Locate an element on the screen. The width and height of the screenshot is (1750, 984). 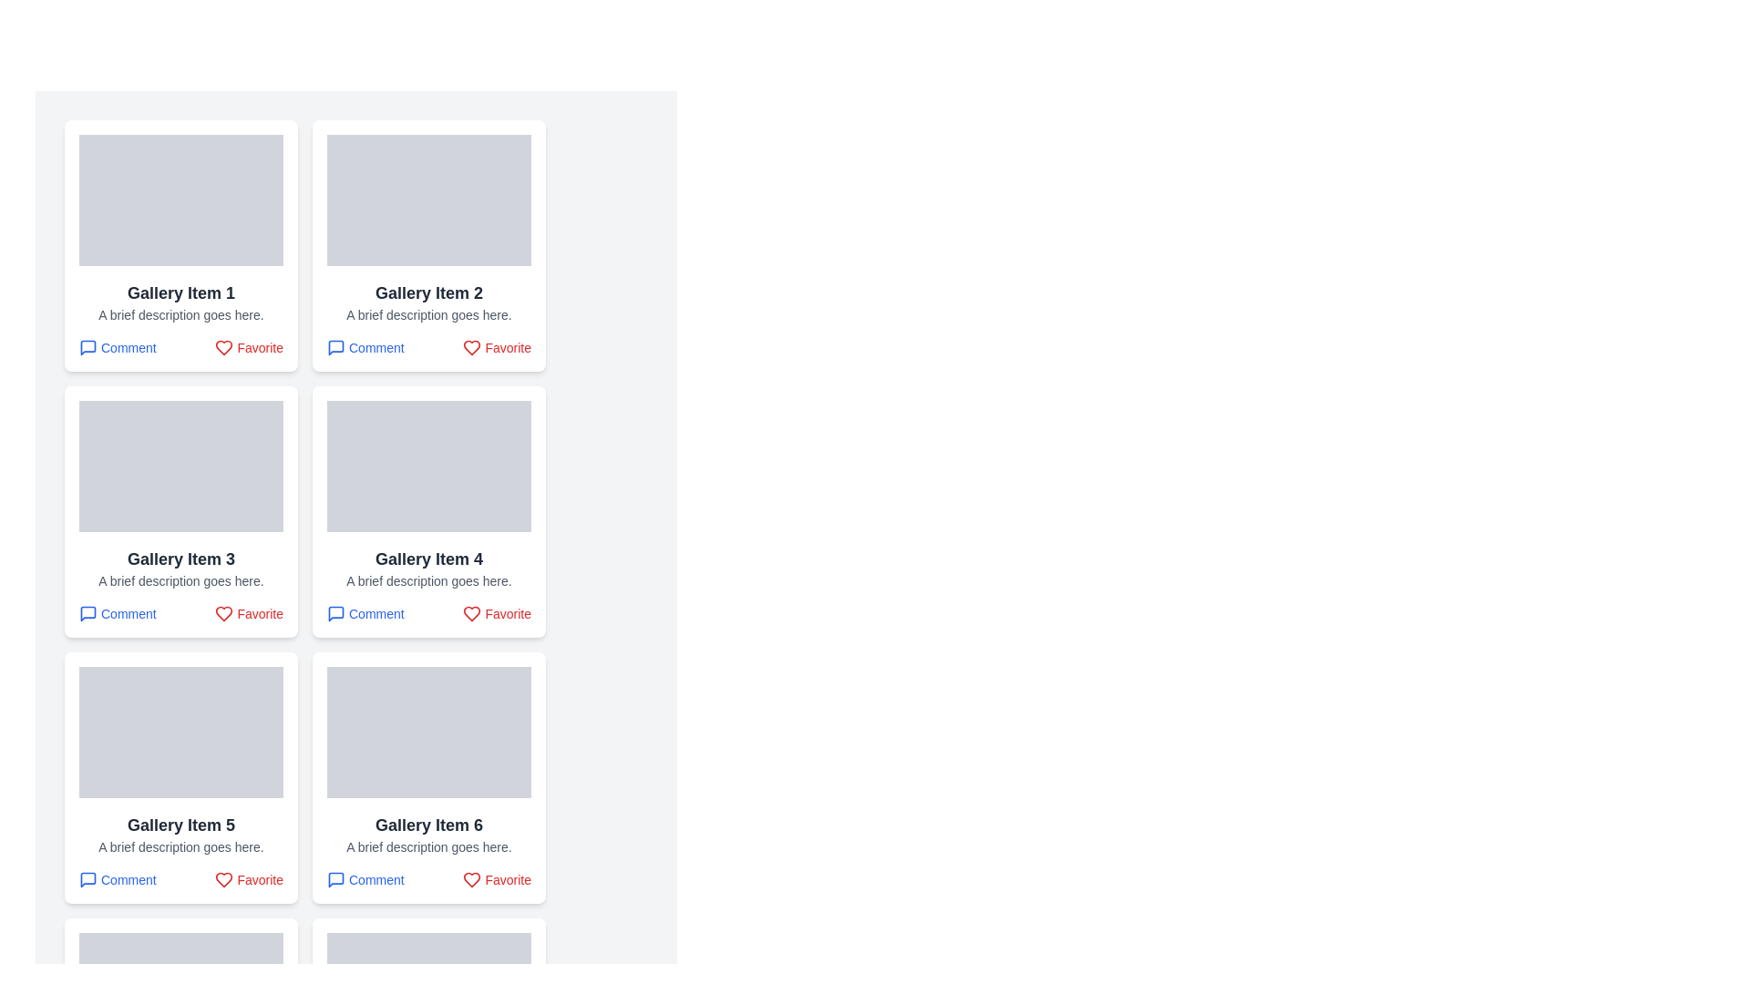
text label containing 'A brief description goes here.' located under the title 'Gallery Item 3' in the third gallery card is located at coordinates (180, 580).